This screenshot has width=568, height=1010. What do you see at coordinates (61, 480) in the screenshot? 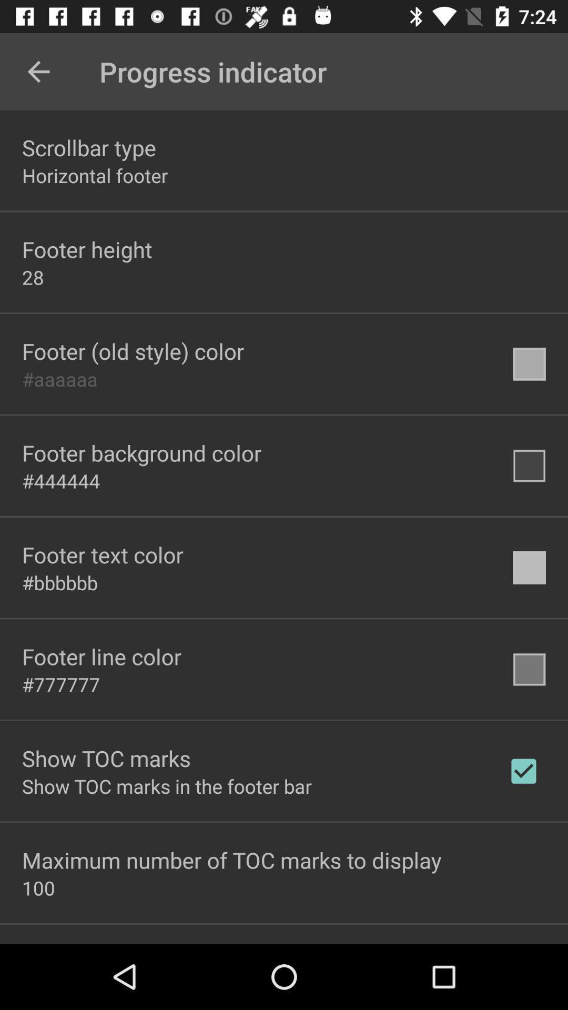
I see `the icon below the footer background color` at bounding box center [61, 480].